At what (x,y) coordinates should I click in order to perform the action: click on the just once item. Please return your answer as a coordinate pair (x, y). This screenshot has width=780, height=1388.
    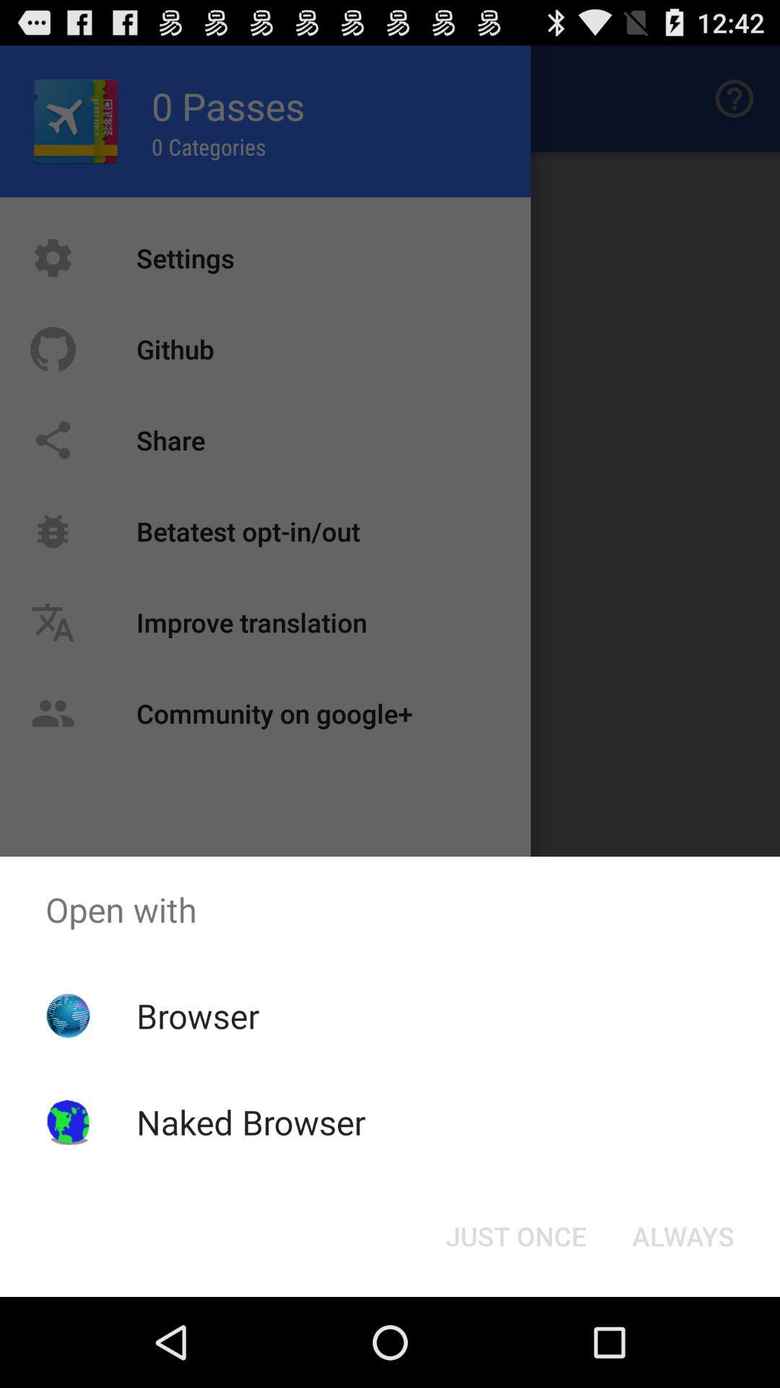
    Looking at the image, I should click on (515, 1235).